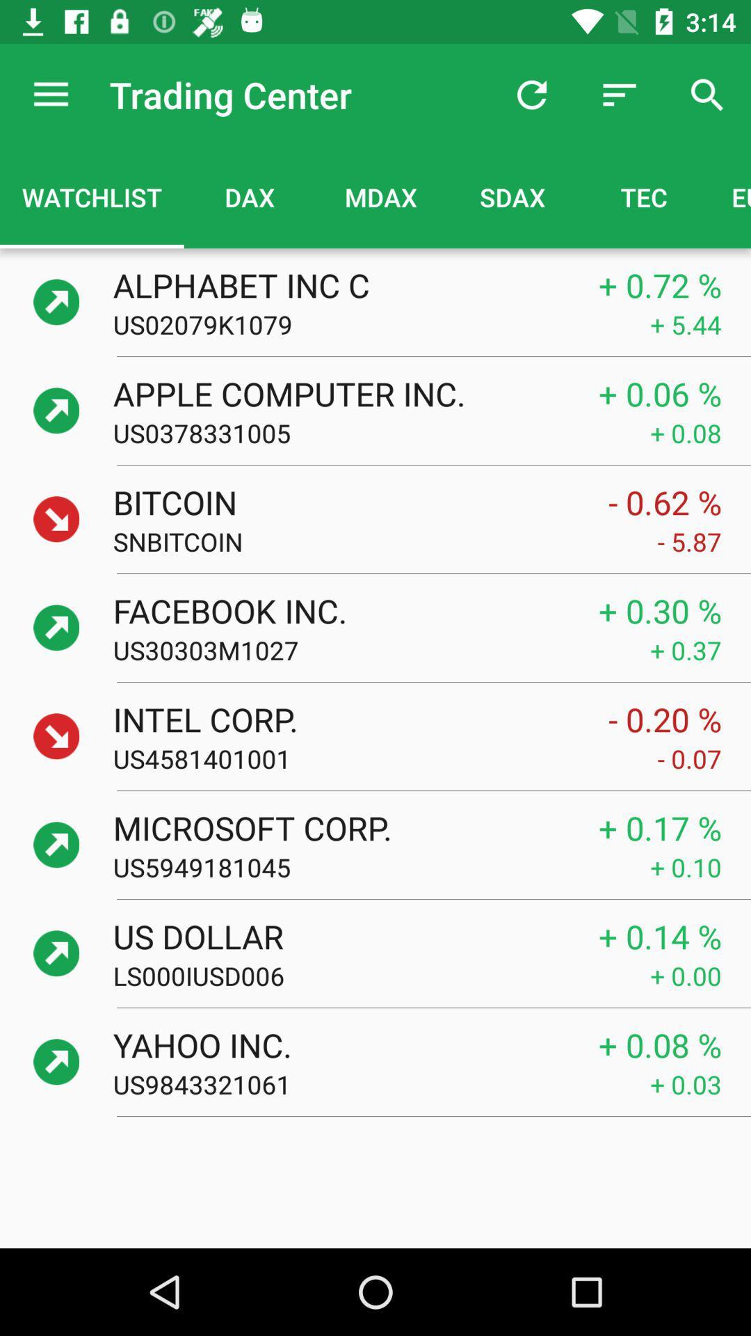 The image size is (751, 1336). I want to click on item next to the + 0.10 icon, so click(381, 866).